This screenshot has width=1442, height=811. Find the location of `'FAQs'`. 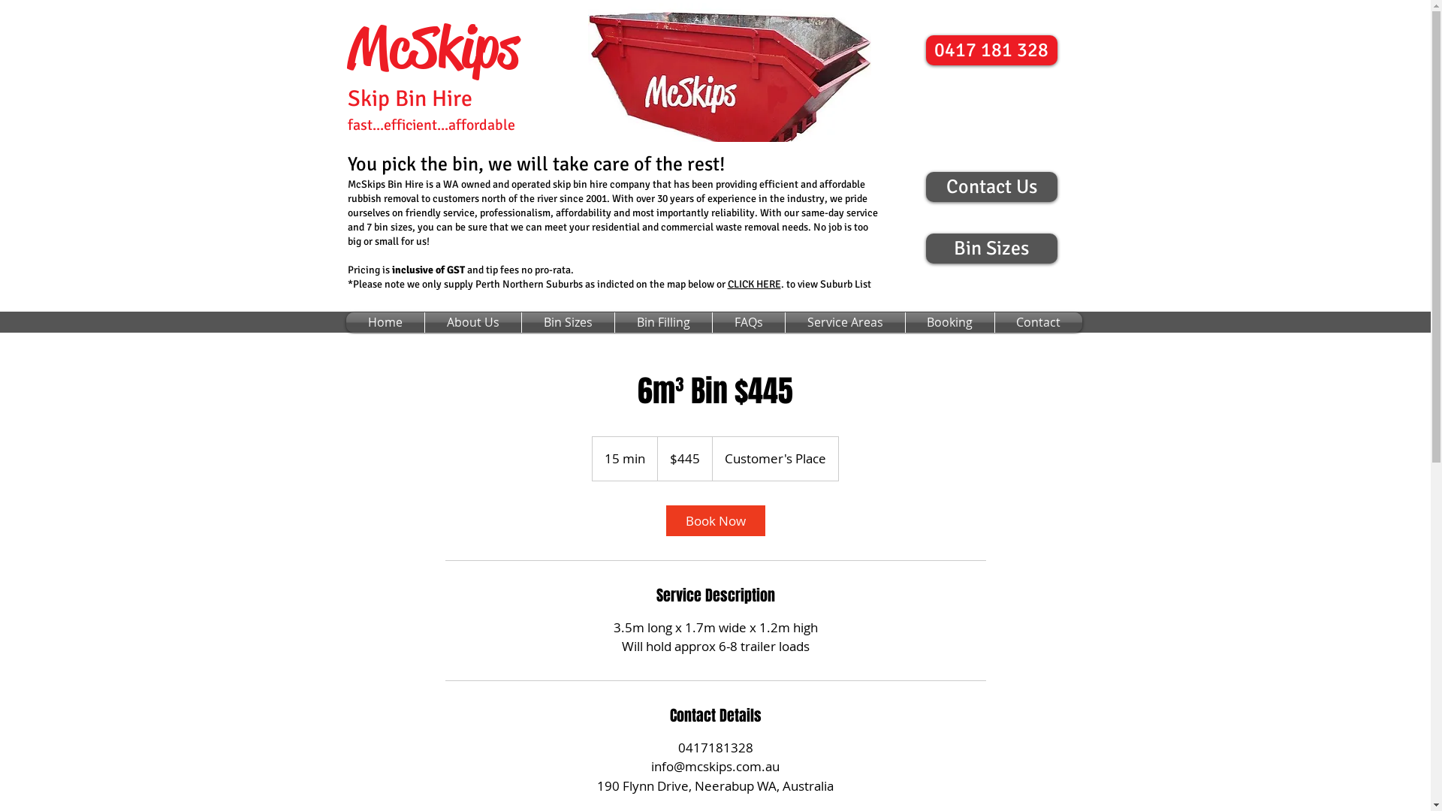

'FAQs' is located at coordinates (748, 321).